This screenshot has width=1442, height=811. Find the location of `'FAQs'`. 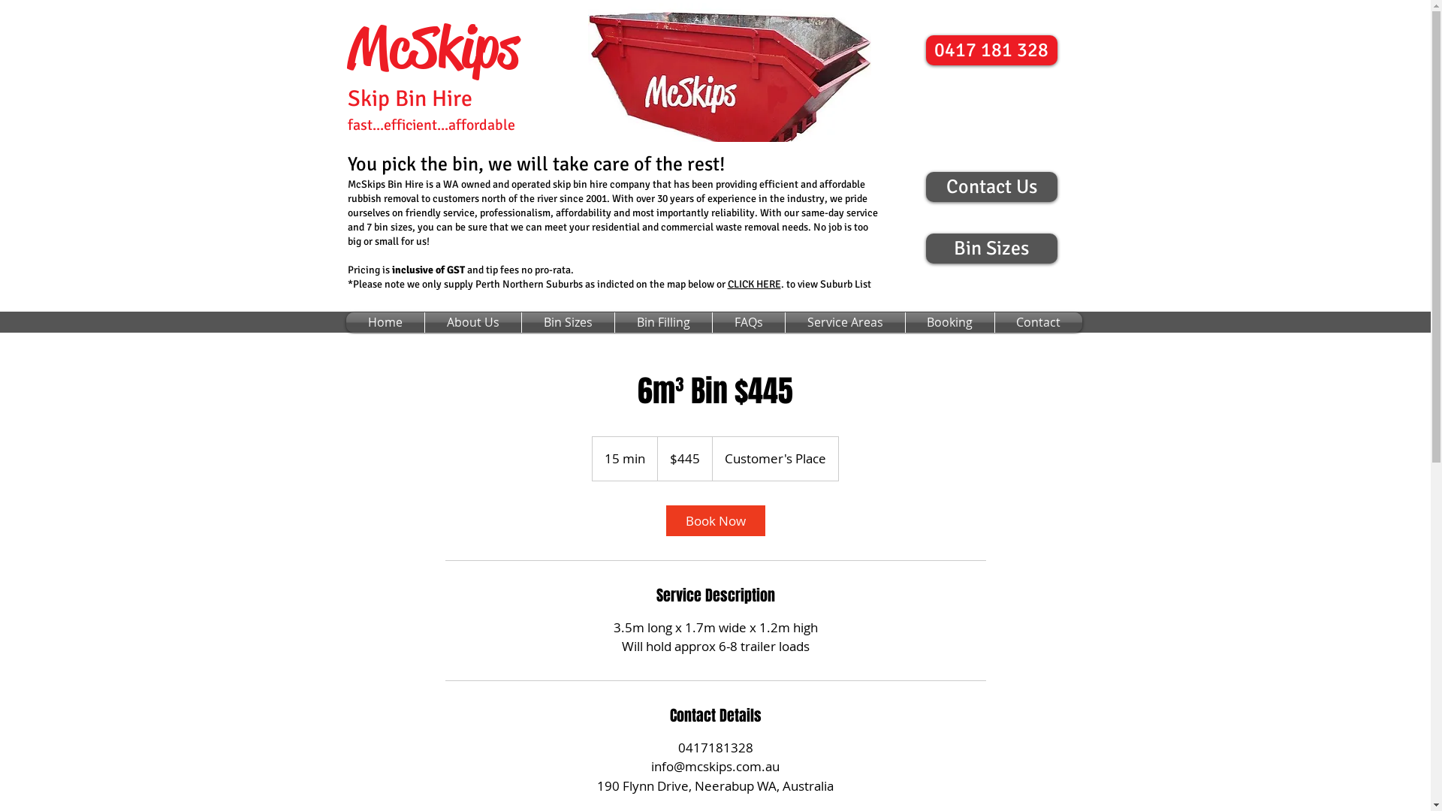

'FAQs' is located at coordinates (748, 321).